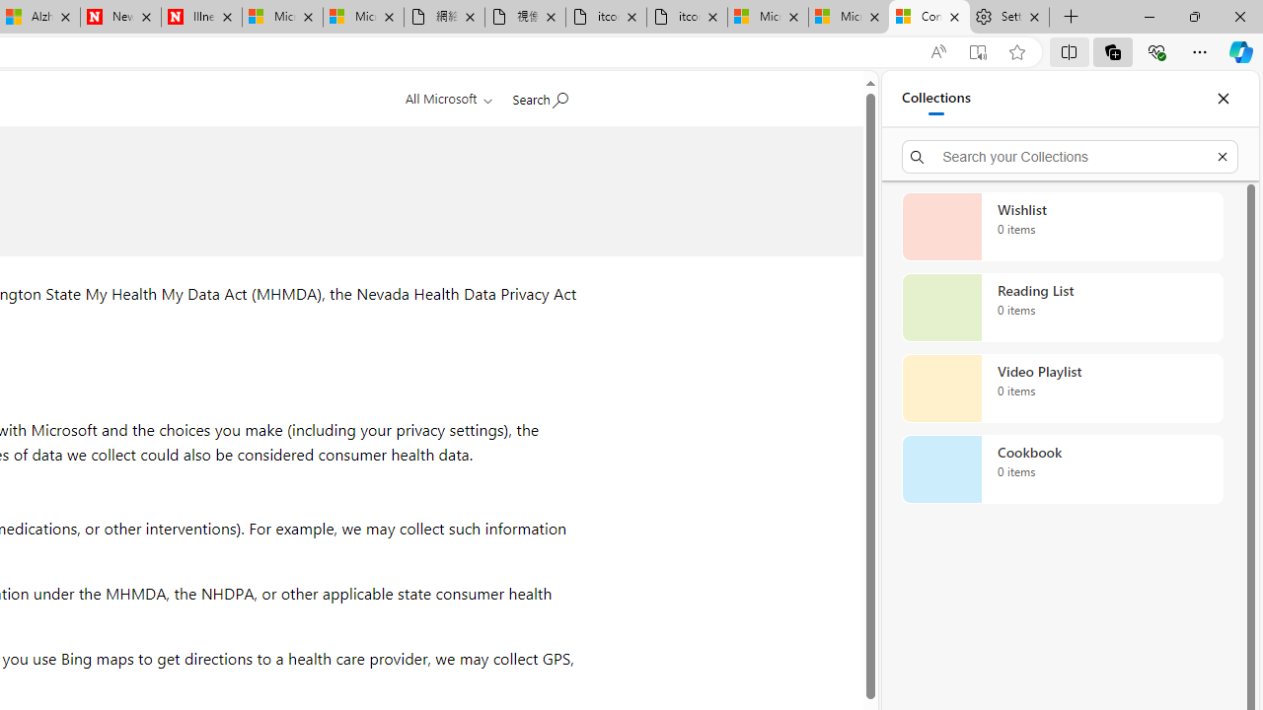 The image size is (1263, 710). What do you see at coordinates (1222, 156) in the screenshot?
I see `'Exit search'` at bounding box center [1222, 156].